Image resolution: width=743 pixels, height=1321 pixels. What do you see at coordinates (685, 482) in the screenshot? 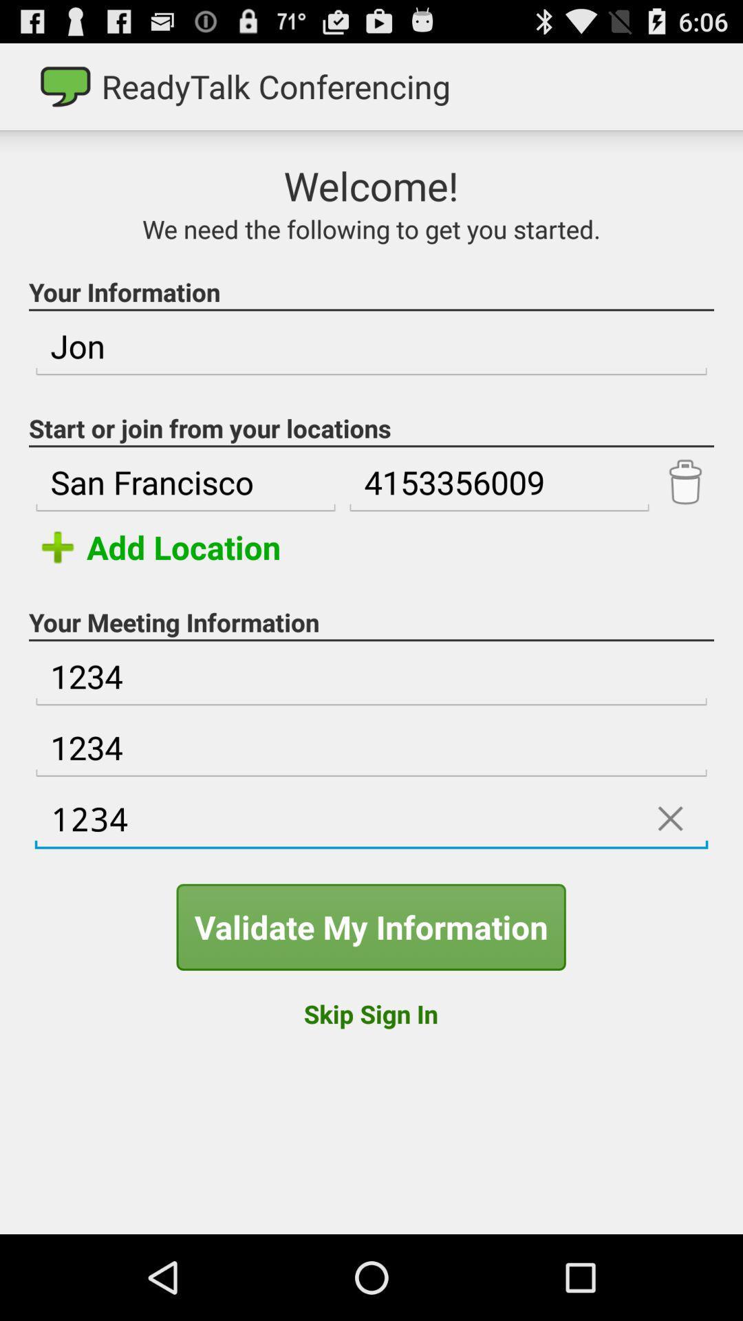
I see `item to the right of the 4153356009 icon` at bounding box center [685, 482].